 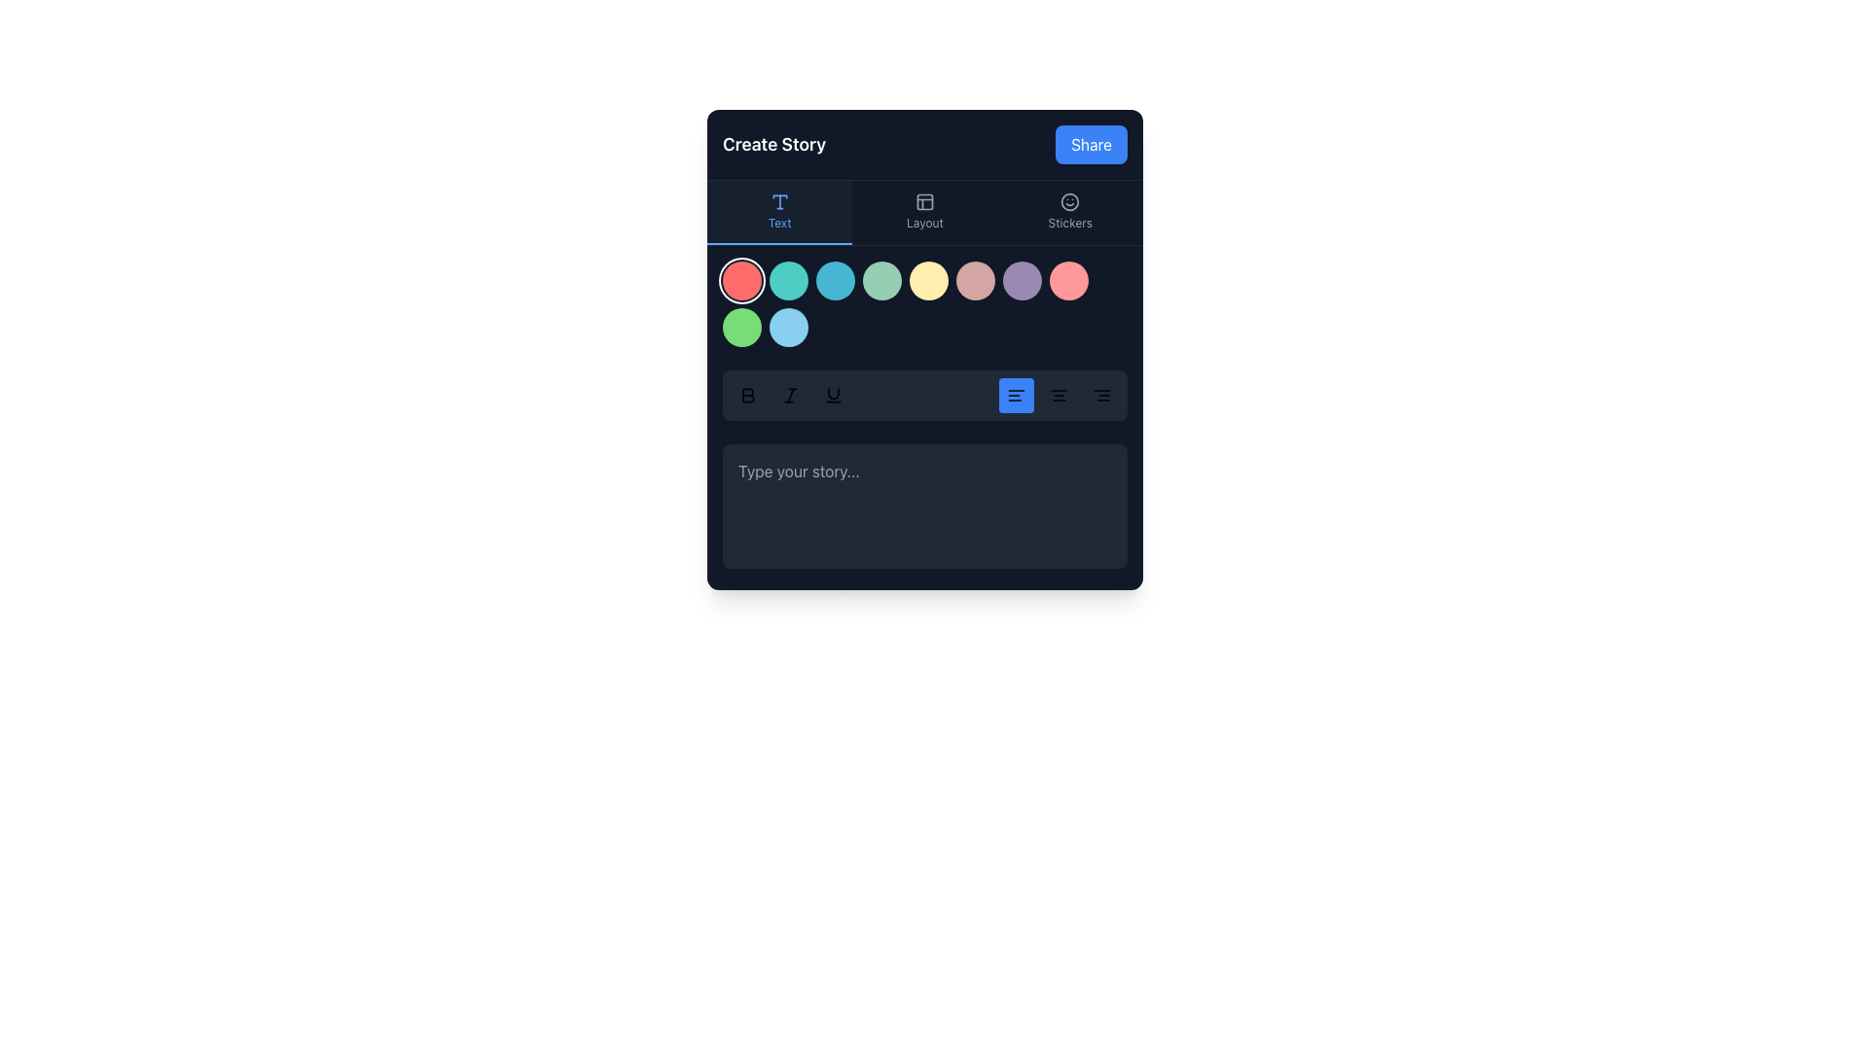 What do you see at coordinates (923, 213) in the screenshot?
I see `the layout option button located between the 'Text' and 'Stickers' options in the 'Create Story' section` at bounding box center [923, 213].